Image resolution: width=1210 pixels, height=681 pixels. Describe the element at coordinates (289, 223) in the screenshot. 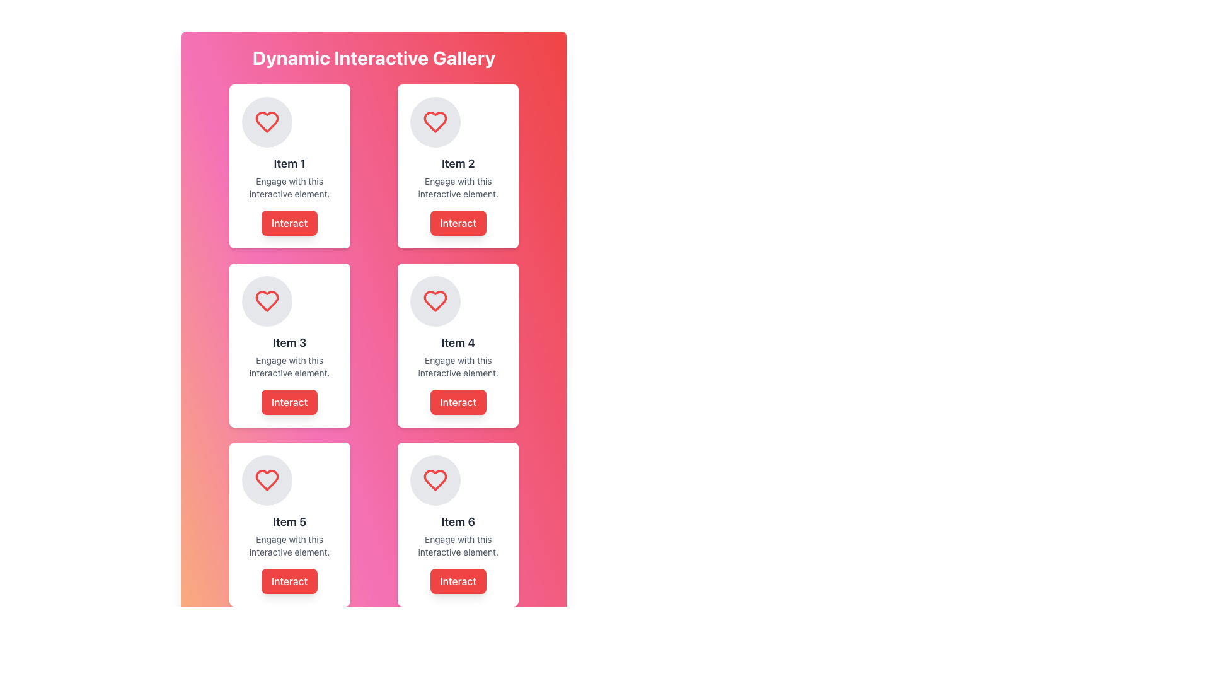

I see `keyboard navigation` at that location.